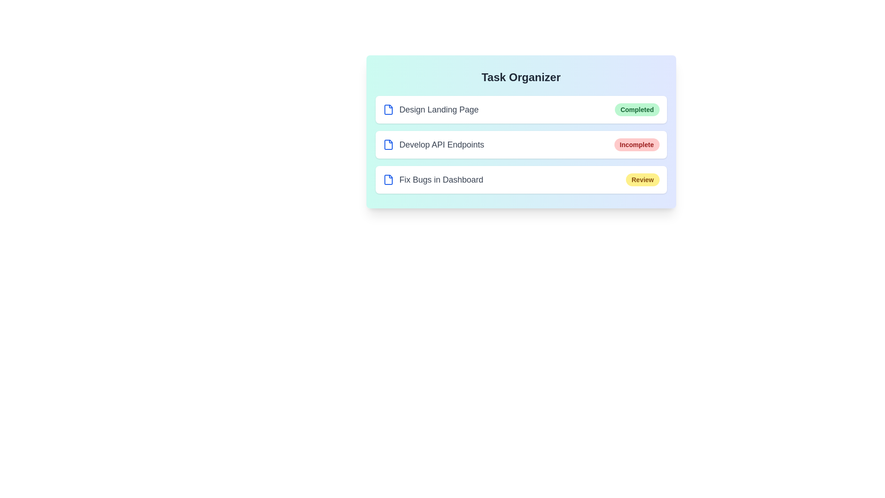  I want to click on the task name Develop API Endpoints to interact with it, so click(433, 144).